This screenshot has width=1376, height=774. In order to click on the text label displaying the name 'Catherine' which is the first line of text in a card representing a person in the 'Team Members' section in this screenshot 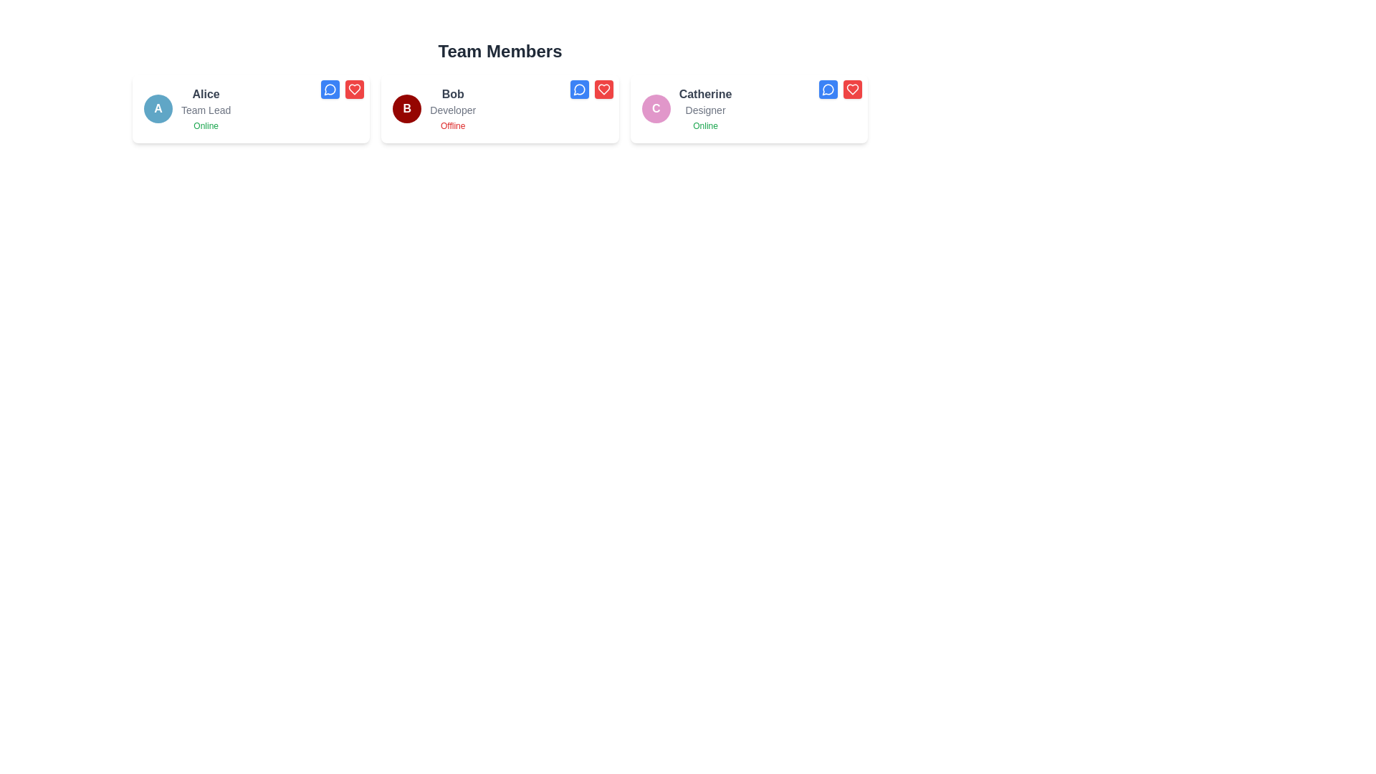, I will do `click(705, 94)`.